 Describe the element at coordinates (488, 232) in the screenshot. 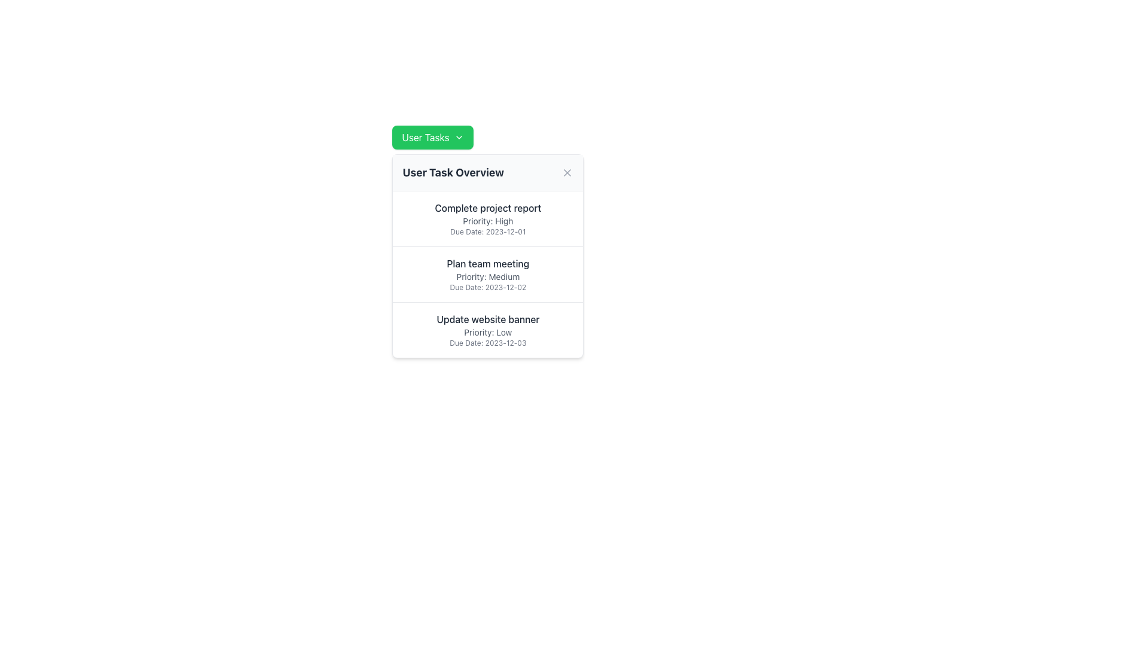

I see `text label that displays the due date of the task, located below 'Priority: High' in the first task entry` at that location.